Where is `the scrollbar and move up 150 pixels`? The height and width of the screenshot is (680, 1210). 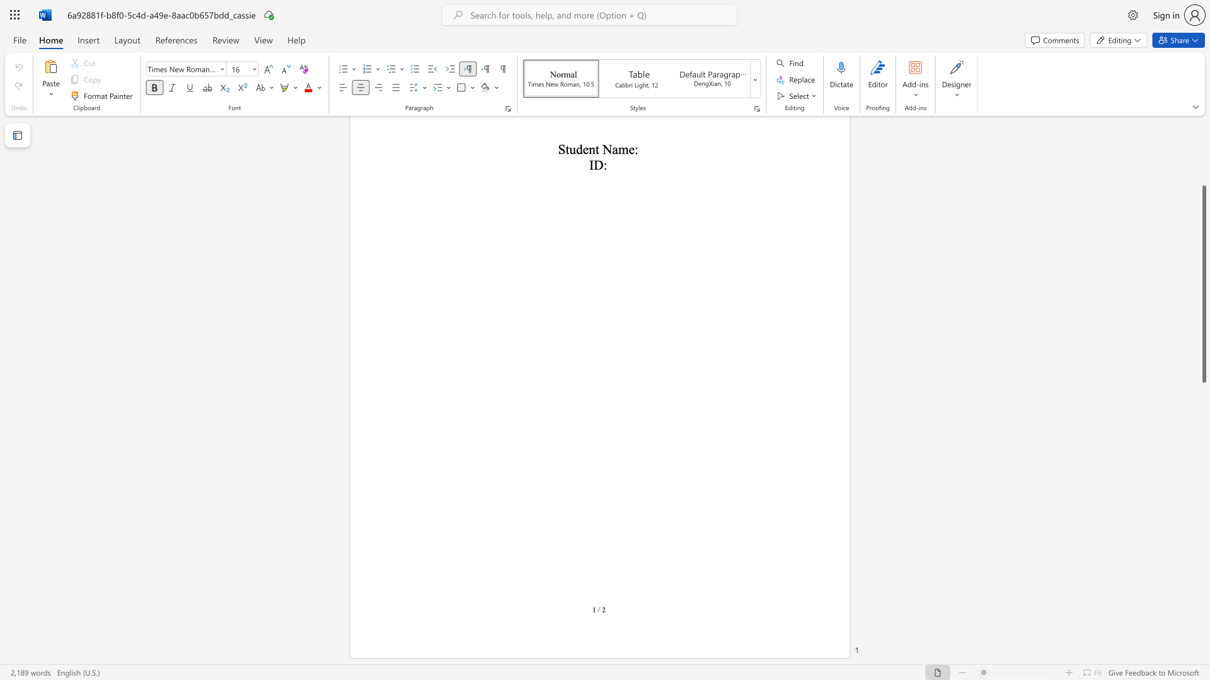
the scrollbar and move up 150 pixels is located at coordinates (1203, 284).